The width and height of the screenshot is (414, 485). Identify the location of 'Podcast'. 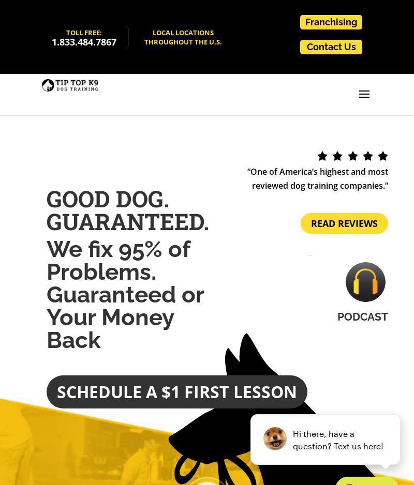
(362, 316).